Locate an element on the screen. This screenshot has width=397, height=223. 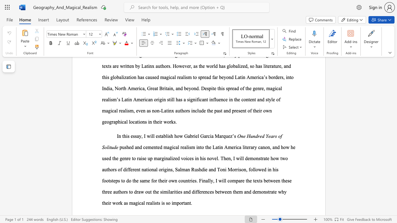
the subset text "larities and differences between t" within the text "to do the same for their own countries. Finally, I will compare the texts between these three authors to draw out the similarities and differences between them and" is located at coordinates (169, 191).